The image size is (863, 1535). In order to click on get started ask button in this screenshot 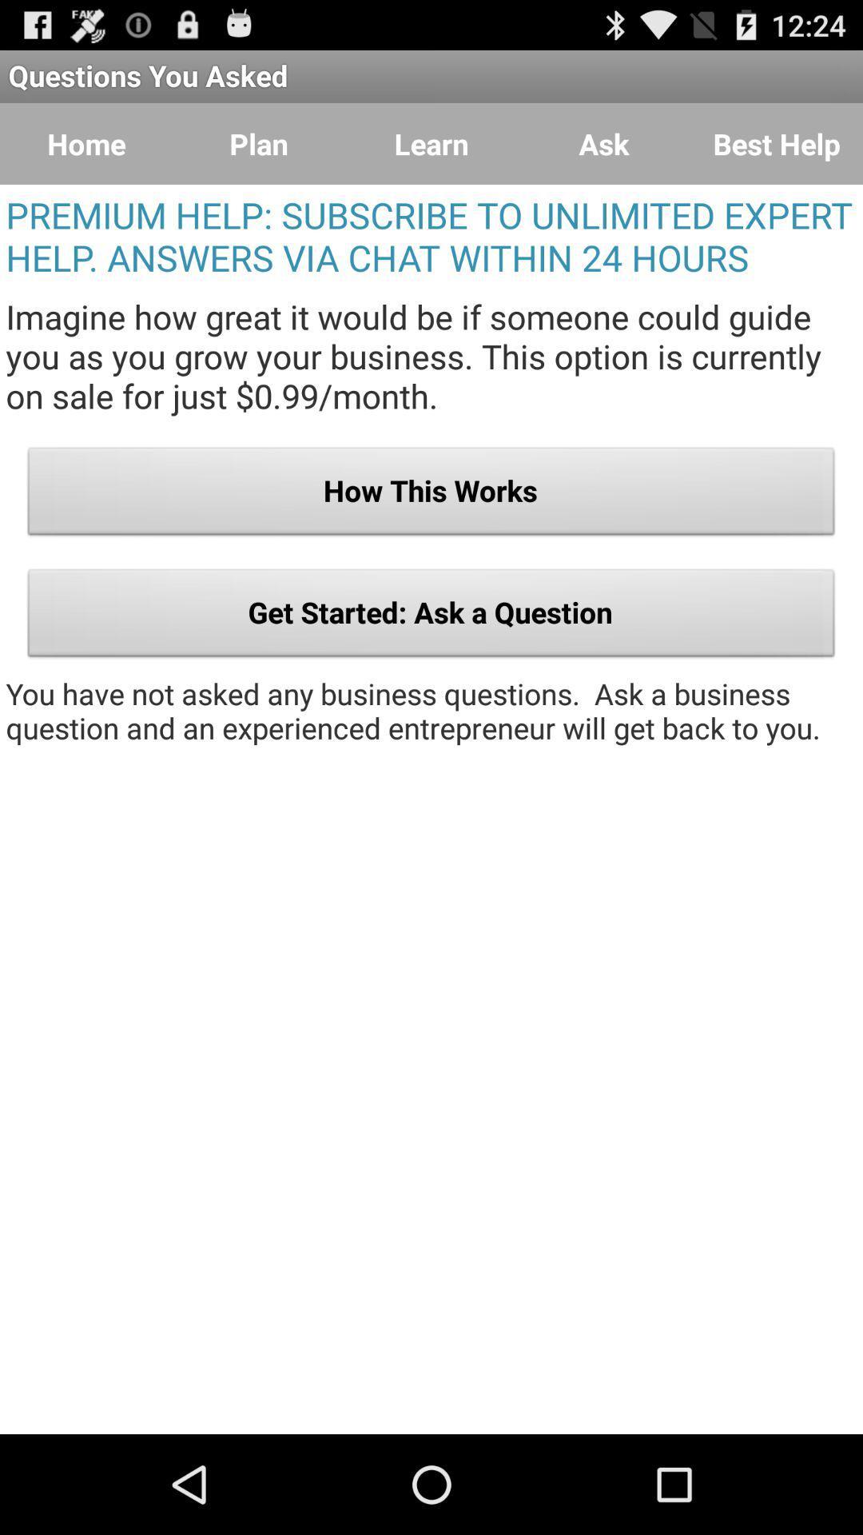, I will do `click(431, 616)`.